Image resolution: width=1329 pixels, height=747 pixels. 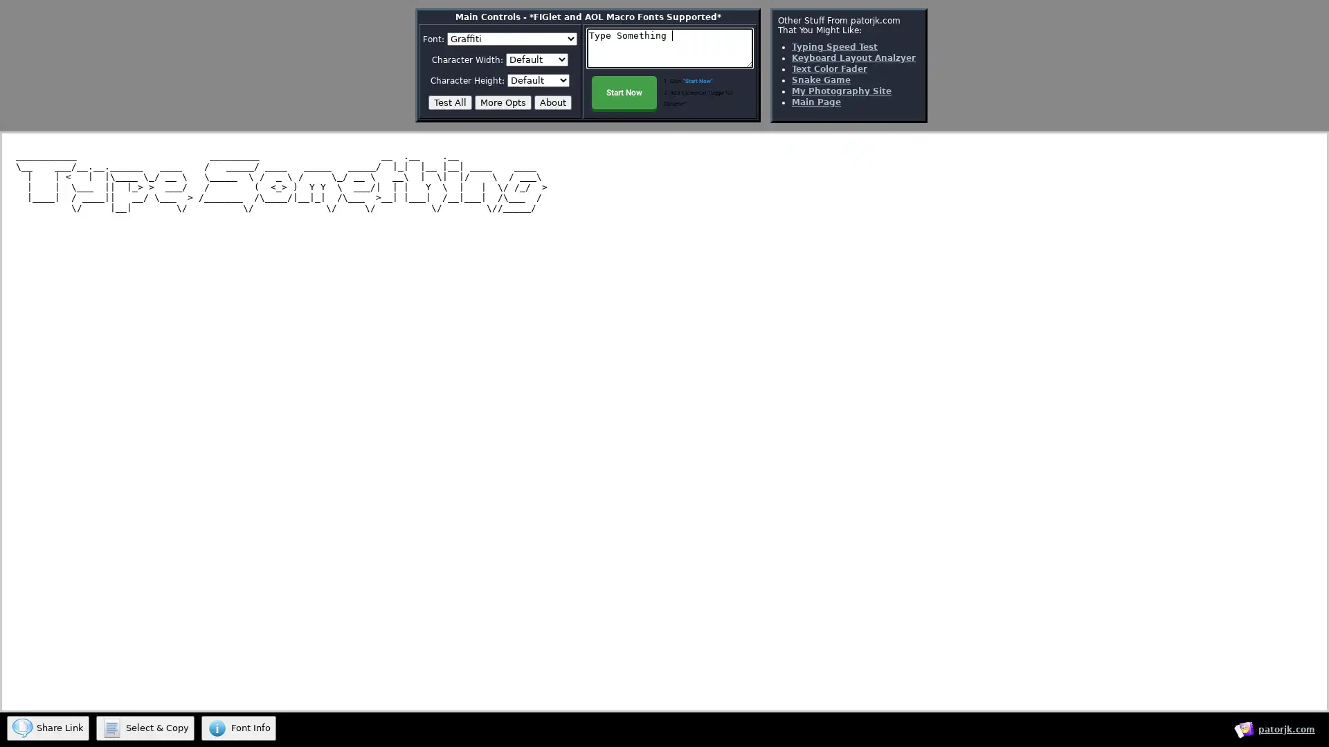 I want to click on Select & Copy, so click(x=145, y=728).